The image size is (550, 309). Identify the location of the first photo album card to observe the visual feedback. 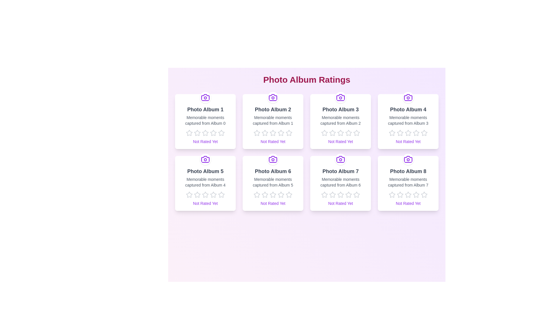
(205, 121).